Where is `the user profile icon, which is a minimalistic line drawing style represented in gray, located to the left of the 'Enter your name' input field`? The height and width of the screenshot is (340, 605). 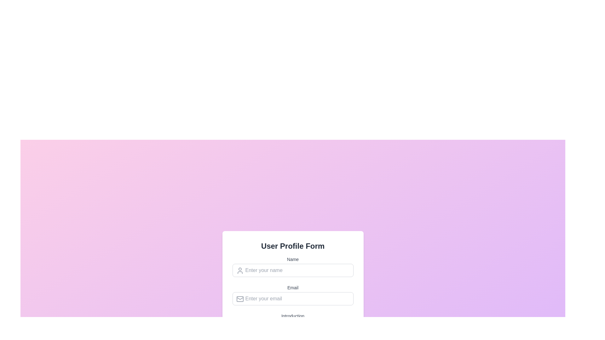
the user profile icon, which is a minimalistic line drawing style represented in gray, located to the left of the 'Enter your name' input field is located at coordinates (239, 270).